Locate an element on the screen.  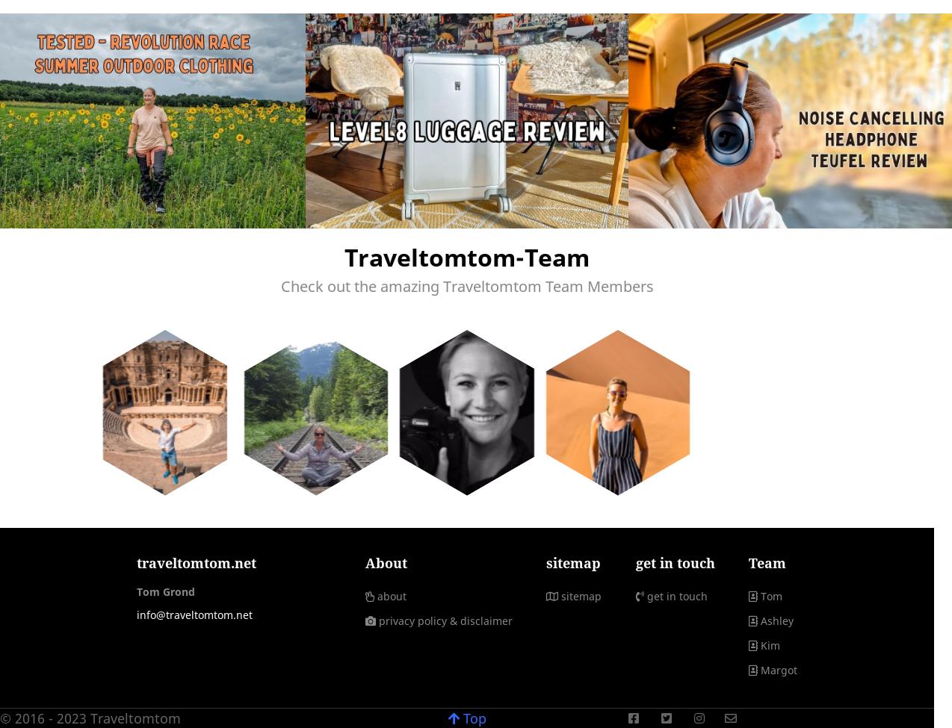
'Tom' is located at coordinates (770, 595).